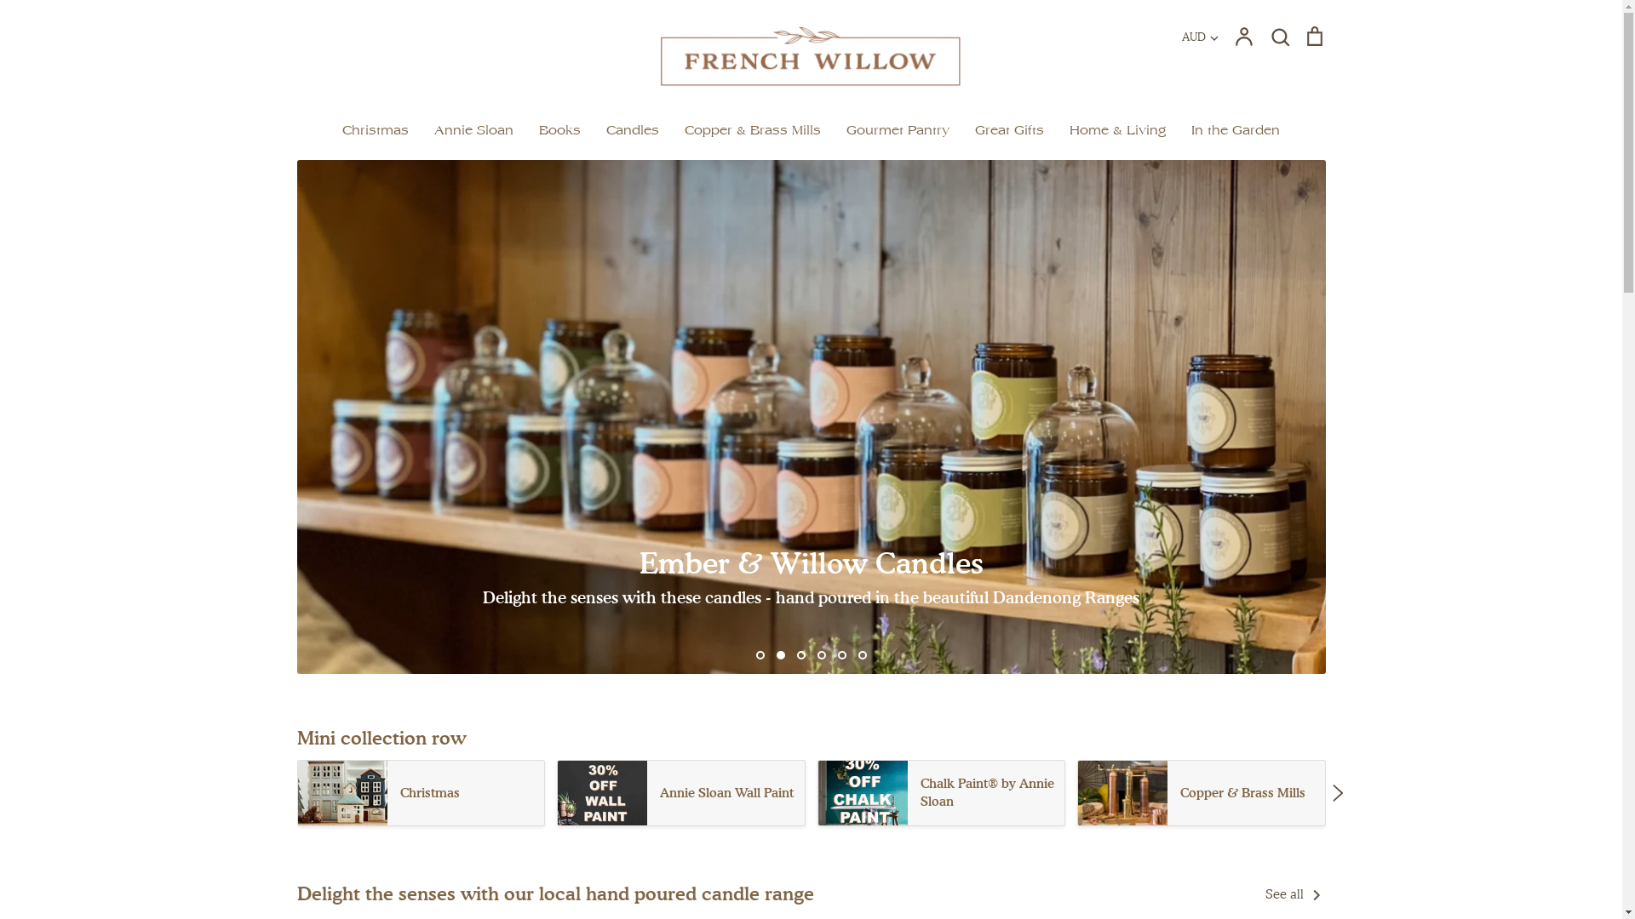  I want to click on 'Cart', so click(1312, 36).